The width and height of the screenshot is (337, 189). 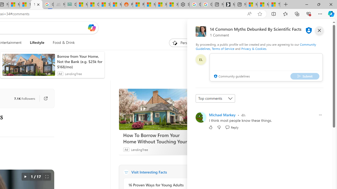 What do you see at coordinates (185, 43) in the screenshot?
I see `'Personalize'` at bounding box center [185, 43].